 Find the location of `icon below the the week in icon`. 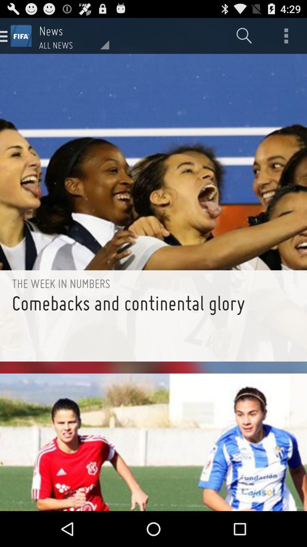

icon below the the week in icon is located at coordinates (153, 326).